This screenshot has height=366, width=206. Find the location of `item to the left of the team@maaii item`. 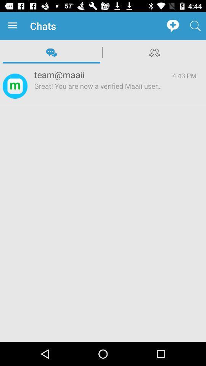

item to the left of the team@maaii item is located at coordinates (15, 86).